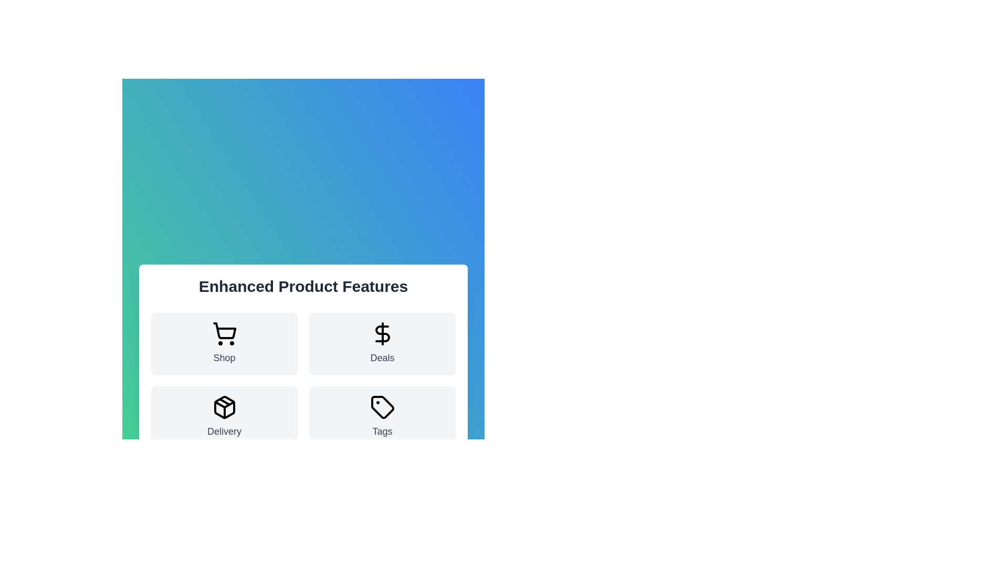 The width and height of the screenshot is (1008, 567). Describe the element at coordinates (224, 406) in the screenshot. I see `the three-dimensional cube icon located within the white button labeled 'Delivery' in the 'Enhanced Product Features' section` at that location.